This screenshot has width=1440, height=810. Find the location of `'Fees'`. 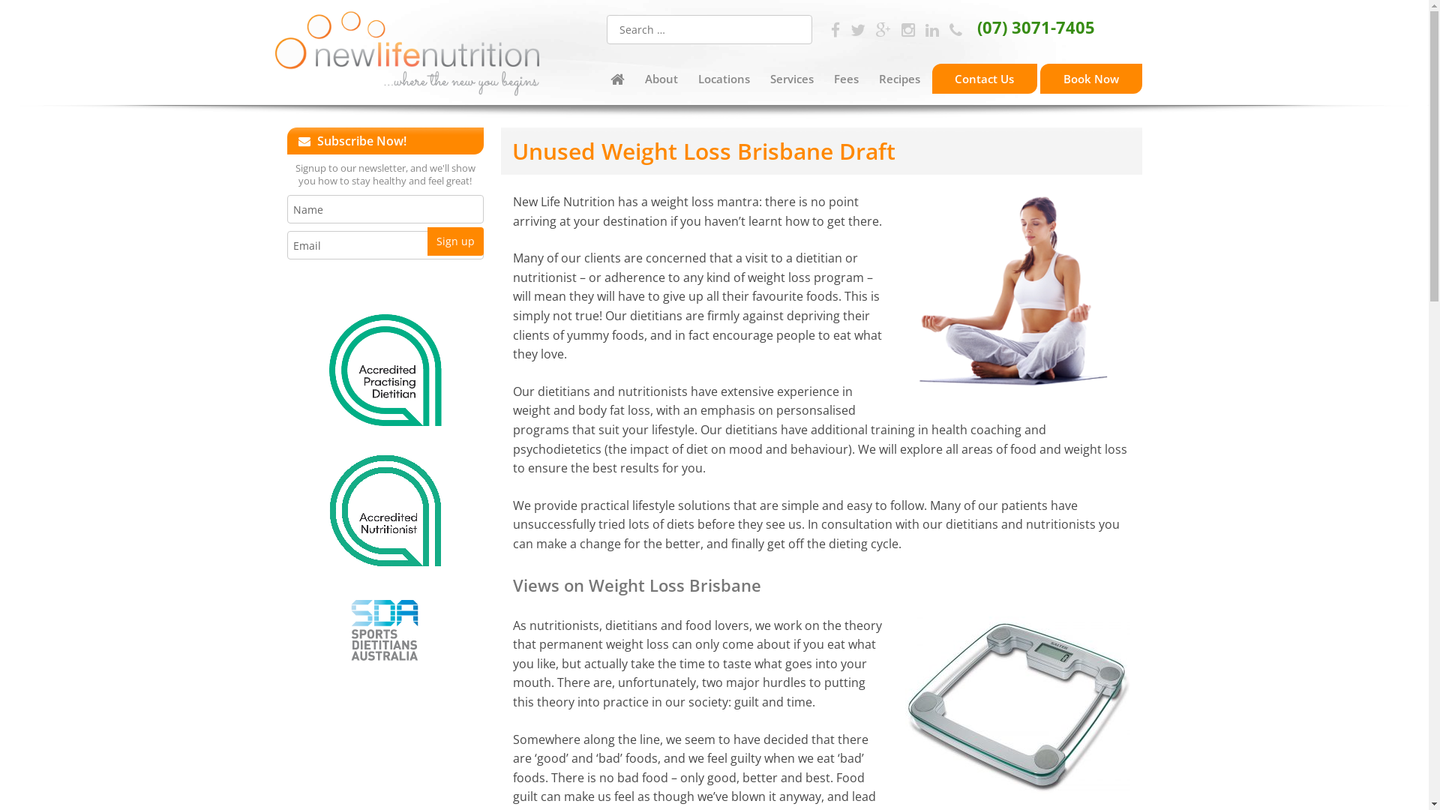

'Fees' is located at coordinates (824, 78).